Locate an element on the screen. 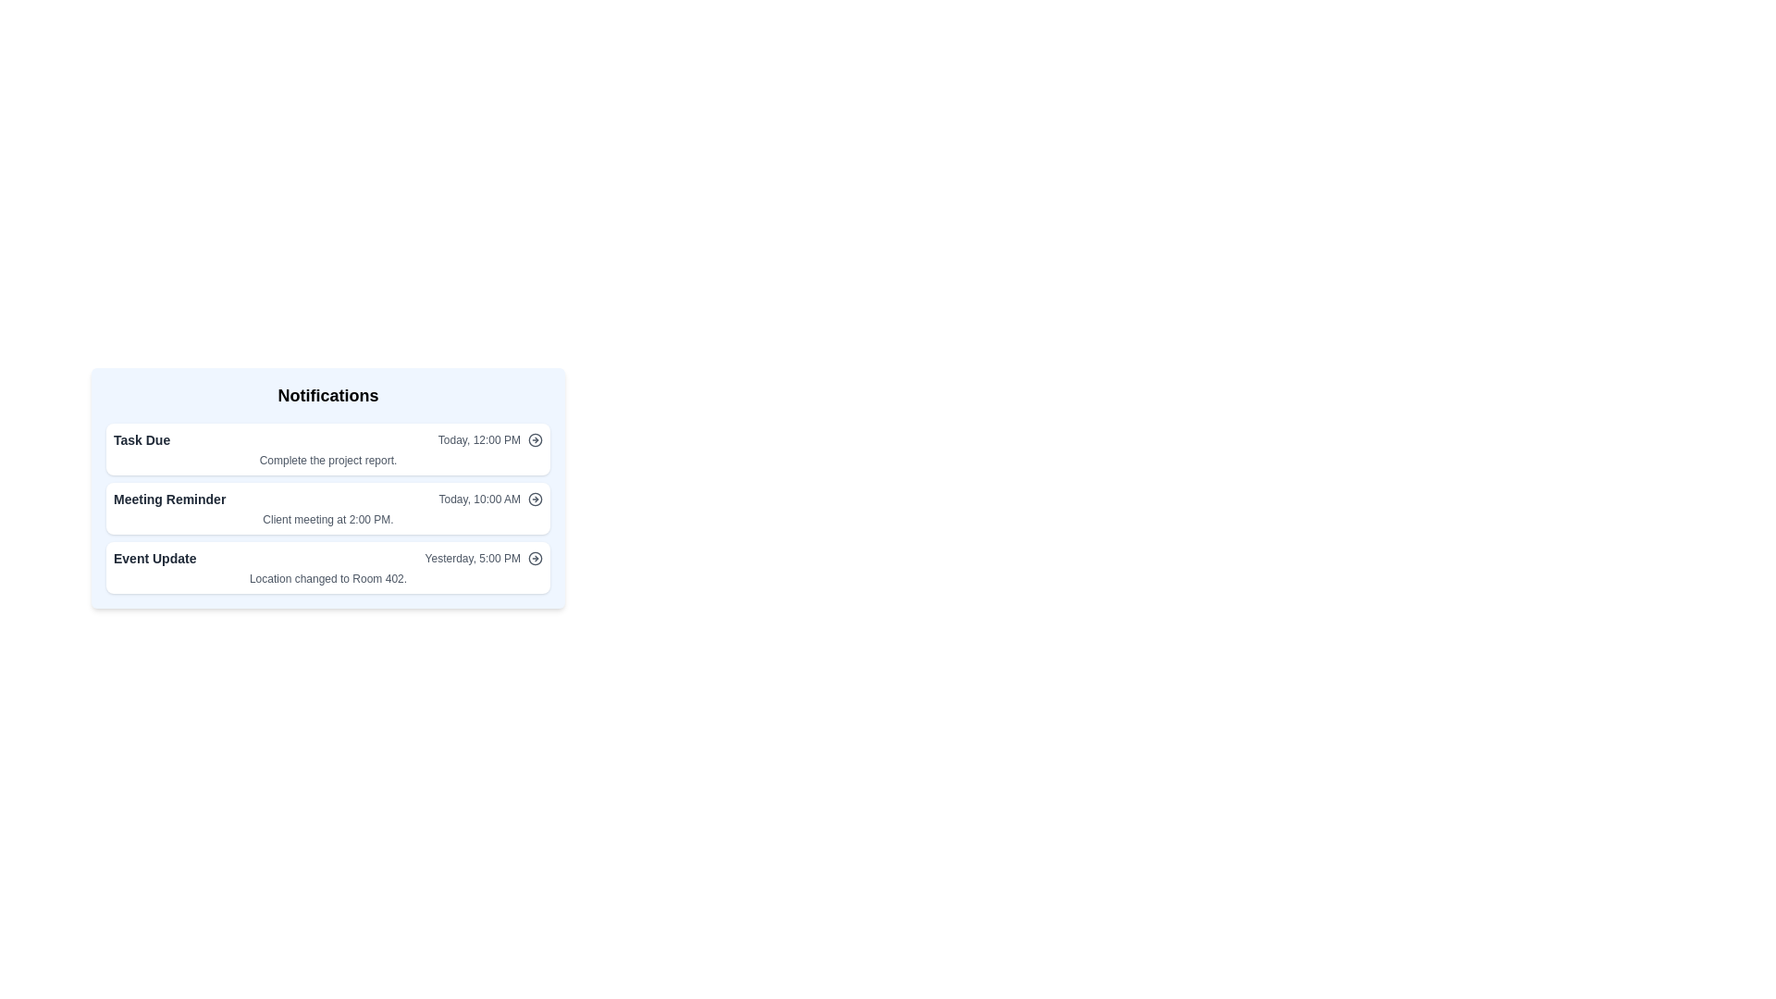  the text element displaying 'Today, 12:00 PM' which is styled in a small gray font and positioned to the right of the task description 'Task Due' is located at coordinates (490, 439).